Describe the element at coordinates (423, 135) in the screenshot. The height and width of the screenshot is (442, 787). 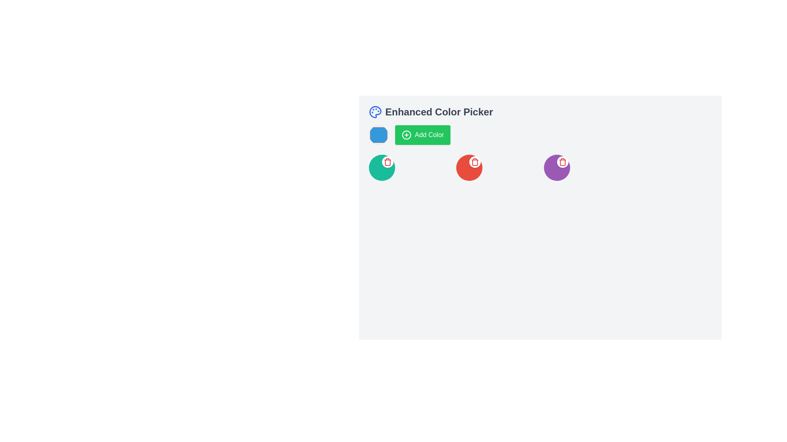
I see `the button located under the 'Enhanced Color Picker' section` at that location.